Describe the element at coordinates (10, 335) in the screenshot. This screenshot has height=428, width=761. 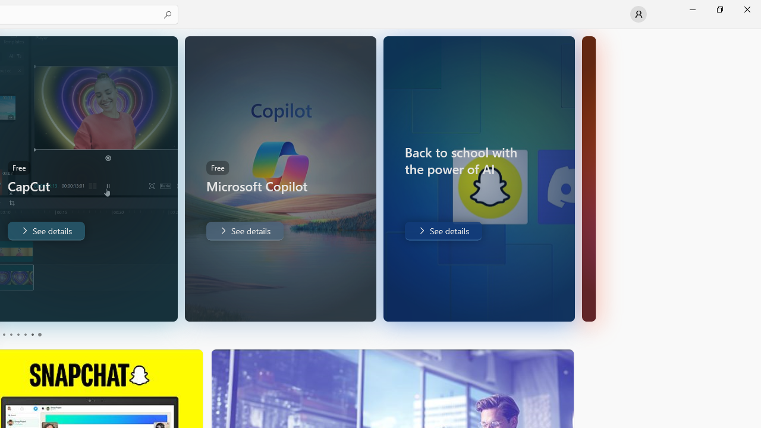
I see `'Page 2'` at that location.